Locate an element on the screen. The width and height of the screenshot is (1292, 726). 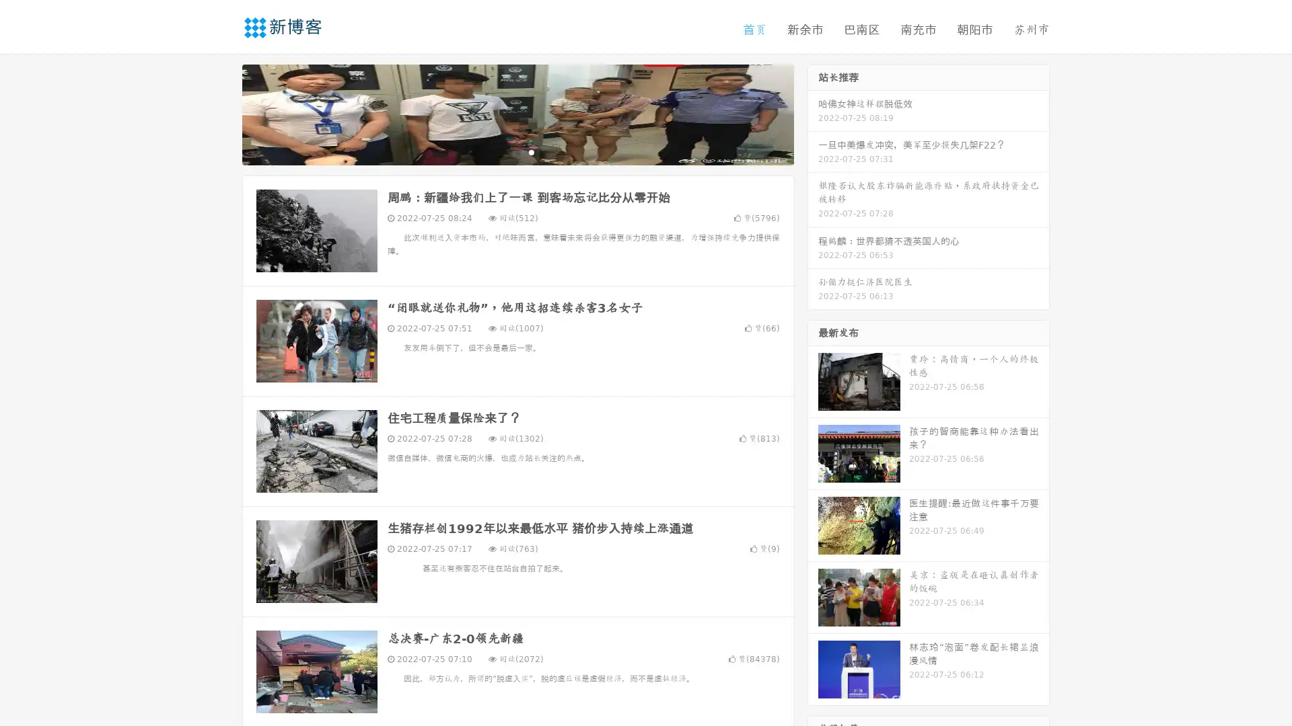
Go to slide 2 is located at coordinates (517, 151).